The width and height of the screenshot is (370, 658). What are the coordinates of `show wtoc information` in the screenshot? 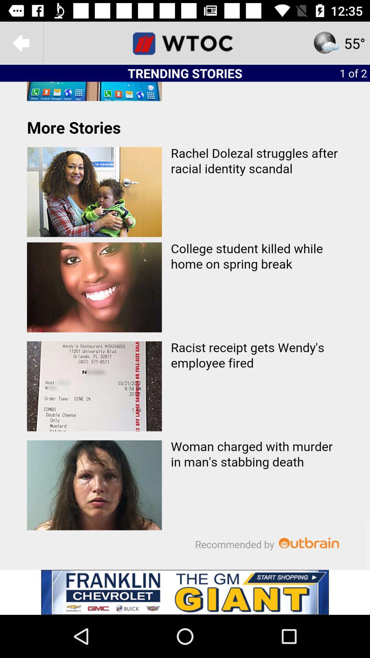 It's located at (185, 42).